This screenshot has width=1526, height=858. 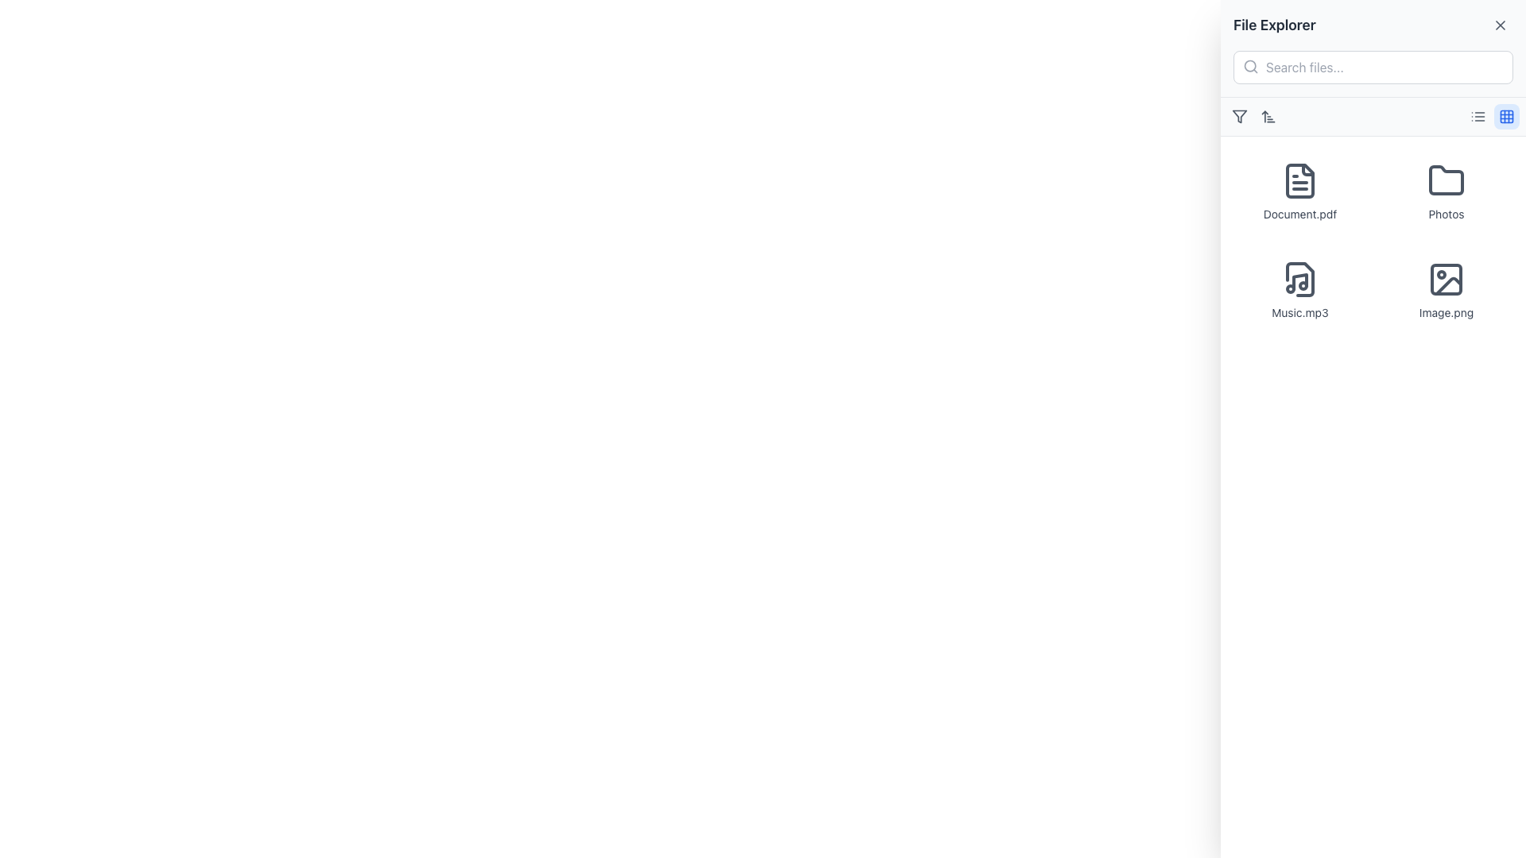 What do you see at coordinates (1300, 180) in the screenshot?
I see `the rectangular document icon with horizontal lines representing text, located above the label 'Document.pdf' in the file explorer grid layout` at bounding box center [1300, 180].